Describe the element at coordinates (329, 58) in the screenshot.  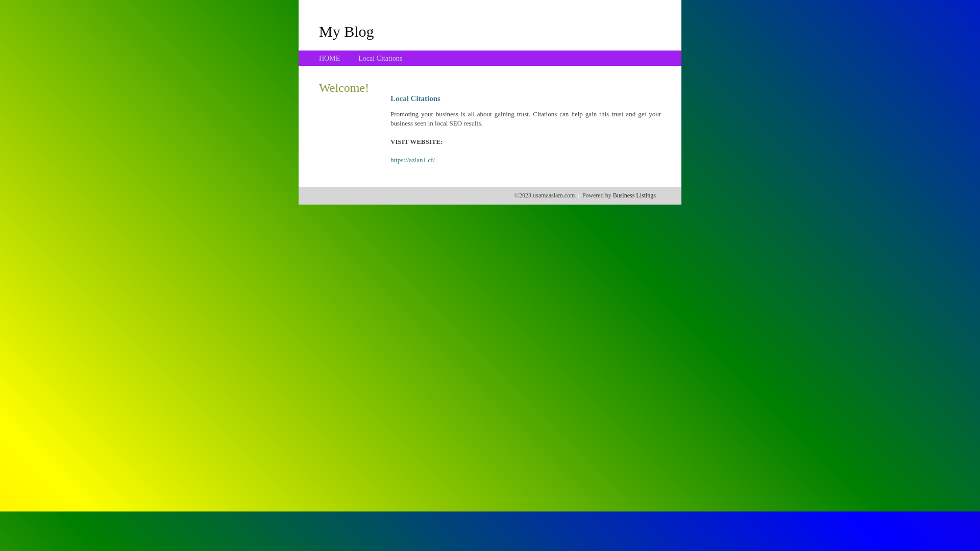
I see `'HOME'` at that location.